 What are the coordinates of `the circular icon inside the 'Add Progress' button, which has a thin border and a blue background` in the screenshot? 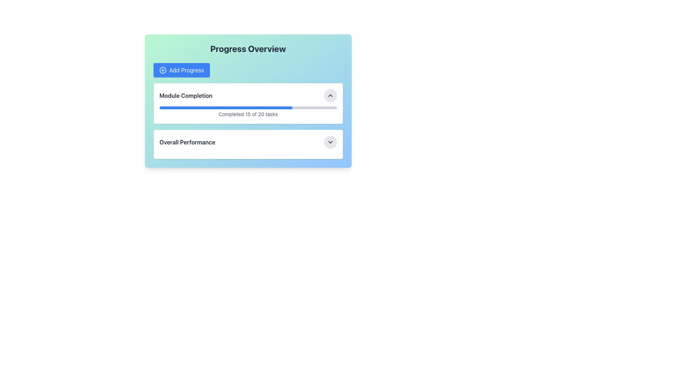 It's located at (162, 70).